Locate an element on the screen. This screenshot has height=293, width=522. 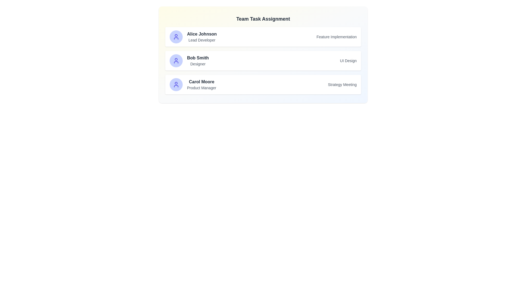
the user profile icon for 'Bob Smith' located in the second row of the 'Team Task Assignment' list is located at coordinates (176, 60).